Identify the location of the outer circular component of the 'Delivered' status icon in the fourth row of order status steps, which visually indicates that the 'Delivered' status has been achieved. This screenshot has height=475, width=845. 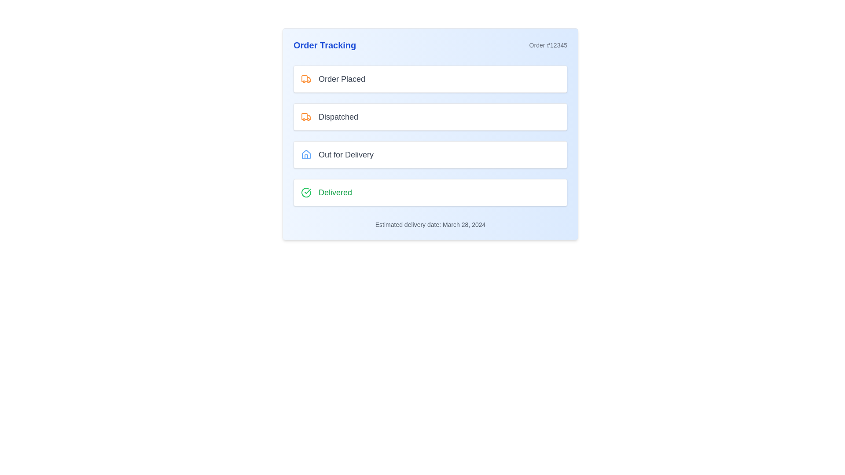
(306, 192).